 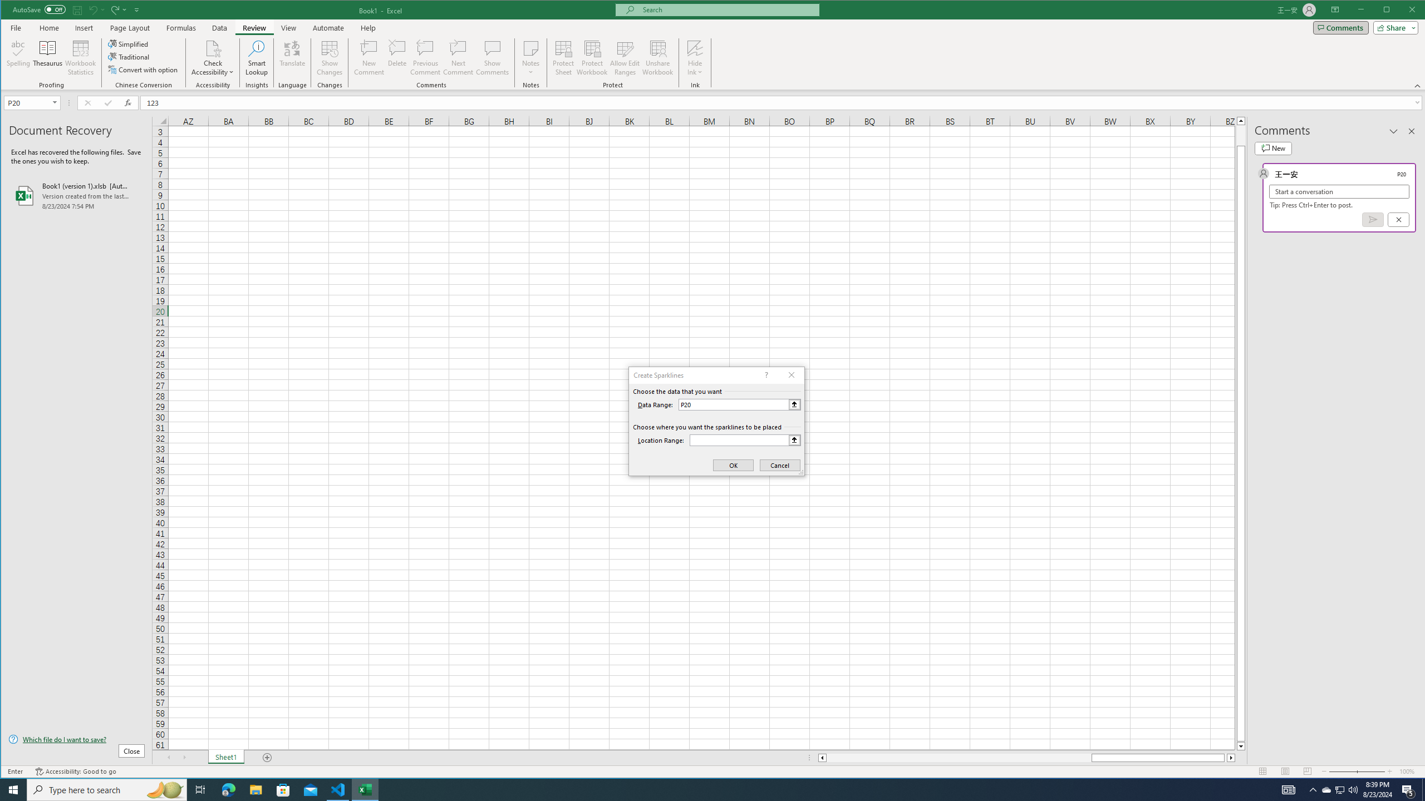 What do you see at coordinates (657, 57) in the screenshot?
I see `'Unshare Workbook'` at bounding box center [657, 57].